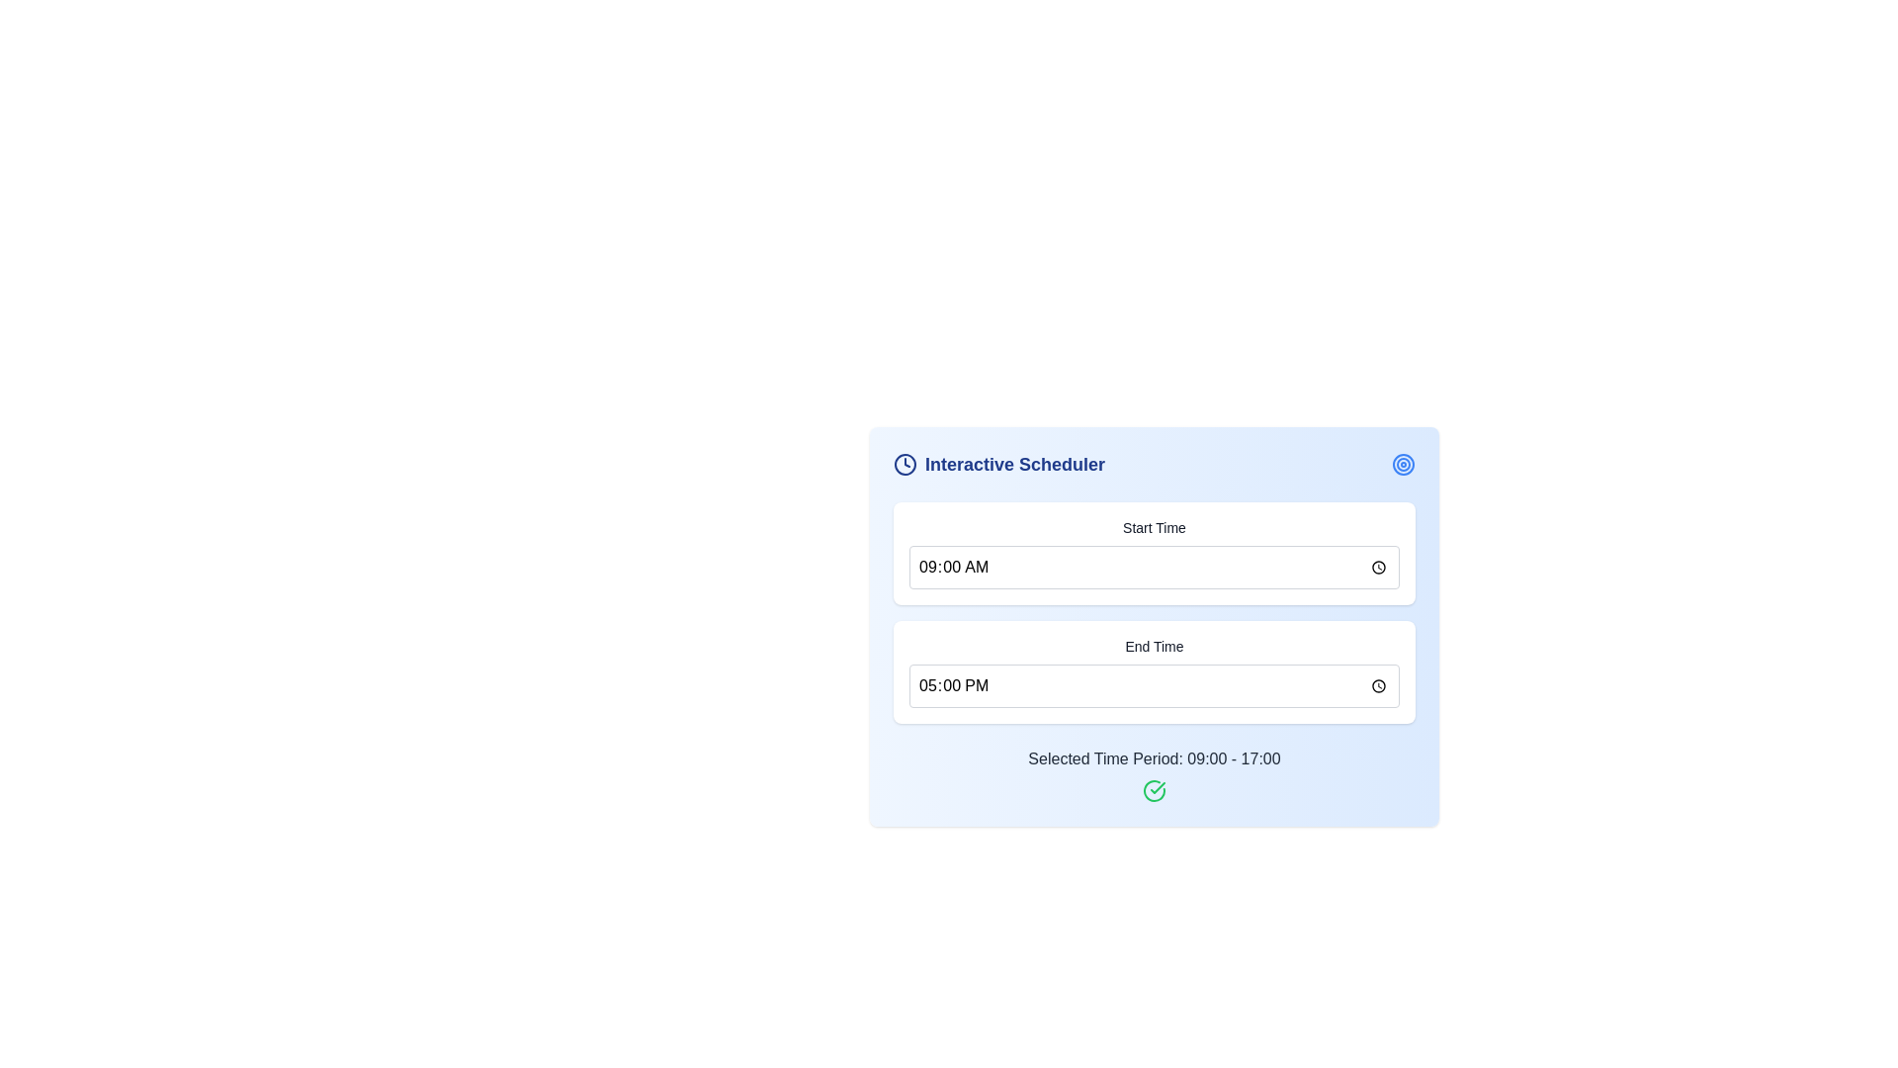  Describe the element at coordinates (1154, 647) in the screenshot. I see `the text label indicating 'End Time' above the time input field within the light-blue background card` at that location.